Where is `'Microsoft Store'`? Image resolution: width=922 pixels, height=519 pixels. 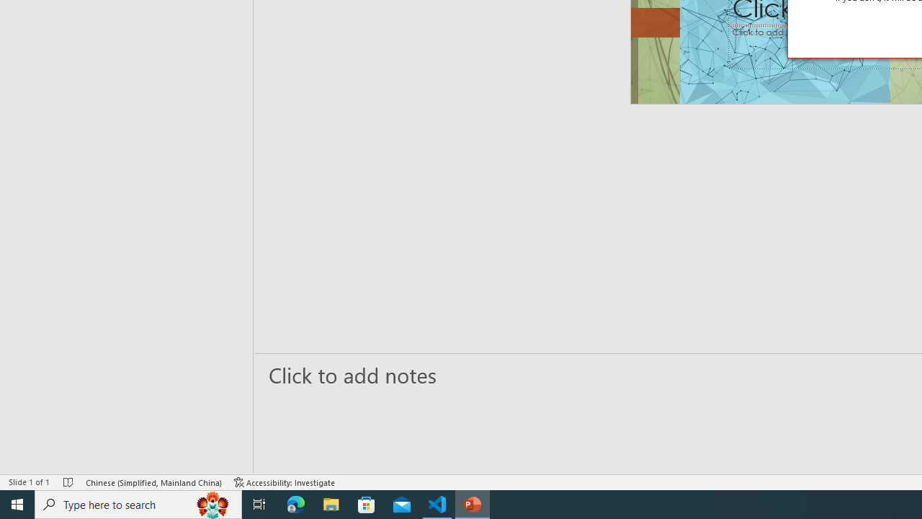 'Microsoft Store' is located at coordinates (367, 503).